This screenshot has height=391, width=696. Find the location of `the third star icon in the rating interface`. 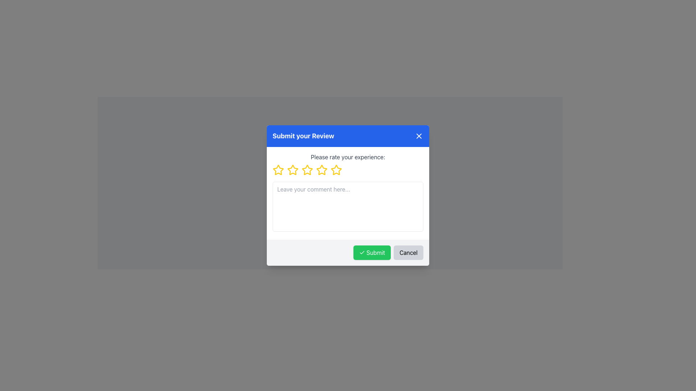

the third star icon in the rating interface is located at coordinates (322, 170).